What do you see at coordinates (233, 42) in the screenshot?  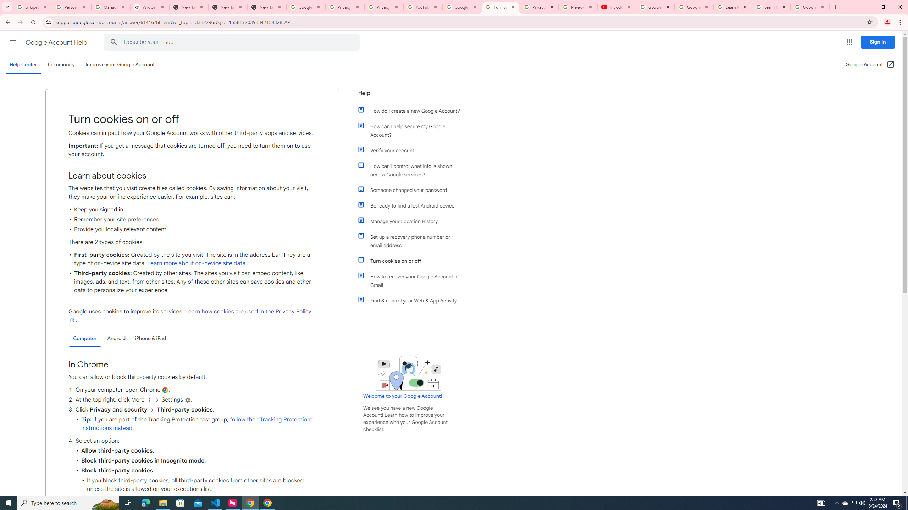 I see `'Describe your issue'` at bounding box center [233, 42].